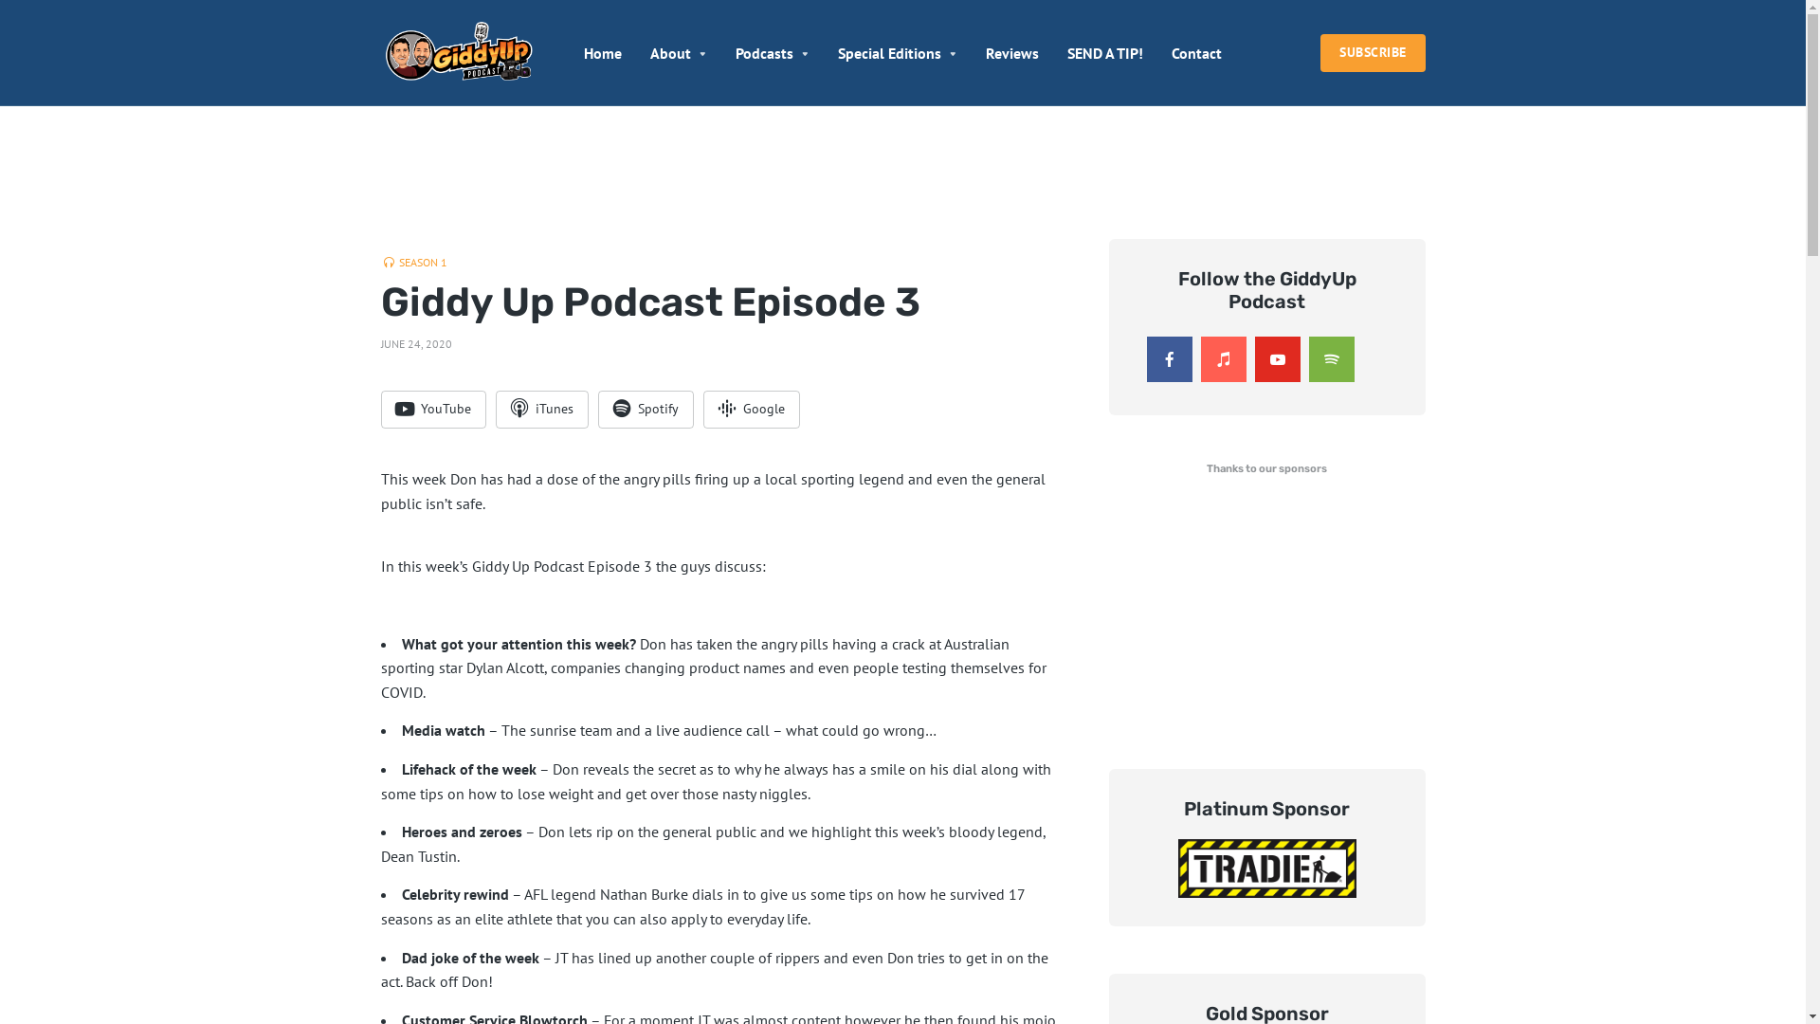 The image size is (1820, 1024). Describe the element at coordinates (986, 52) in the screenshot. I see `'Reviews'` at that location.